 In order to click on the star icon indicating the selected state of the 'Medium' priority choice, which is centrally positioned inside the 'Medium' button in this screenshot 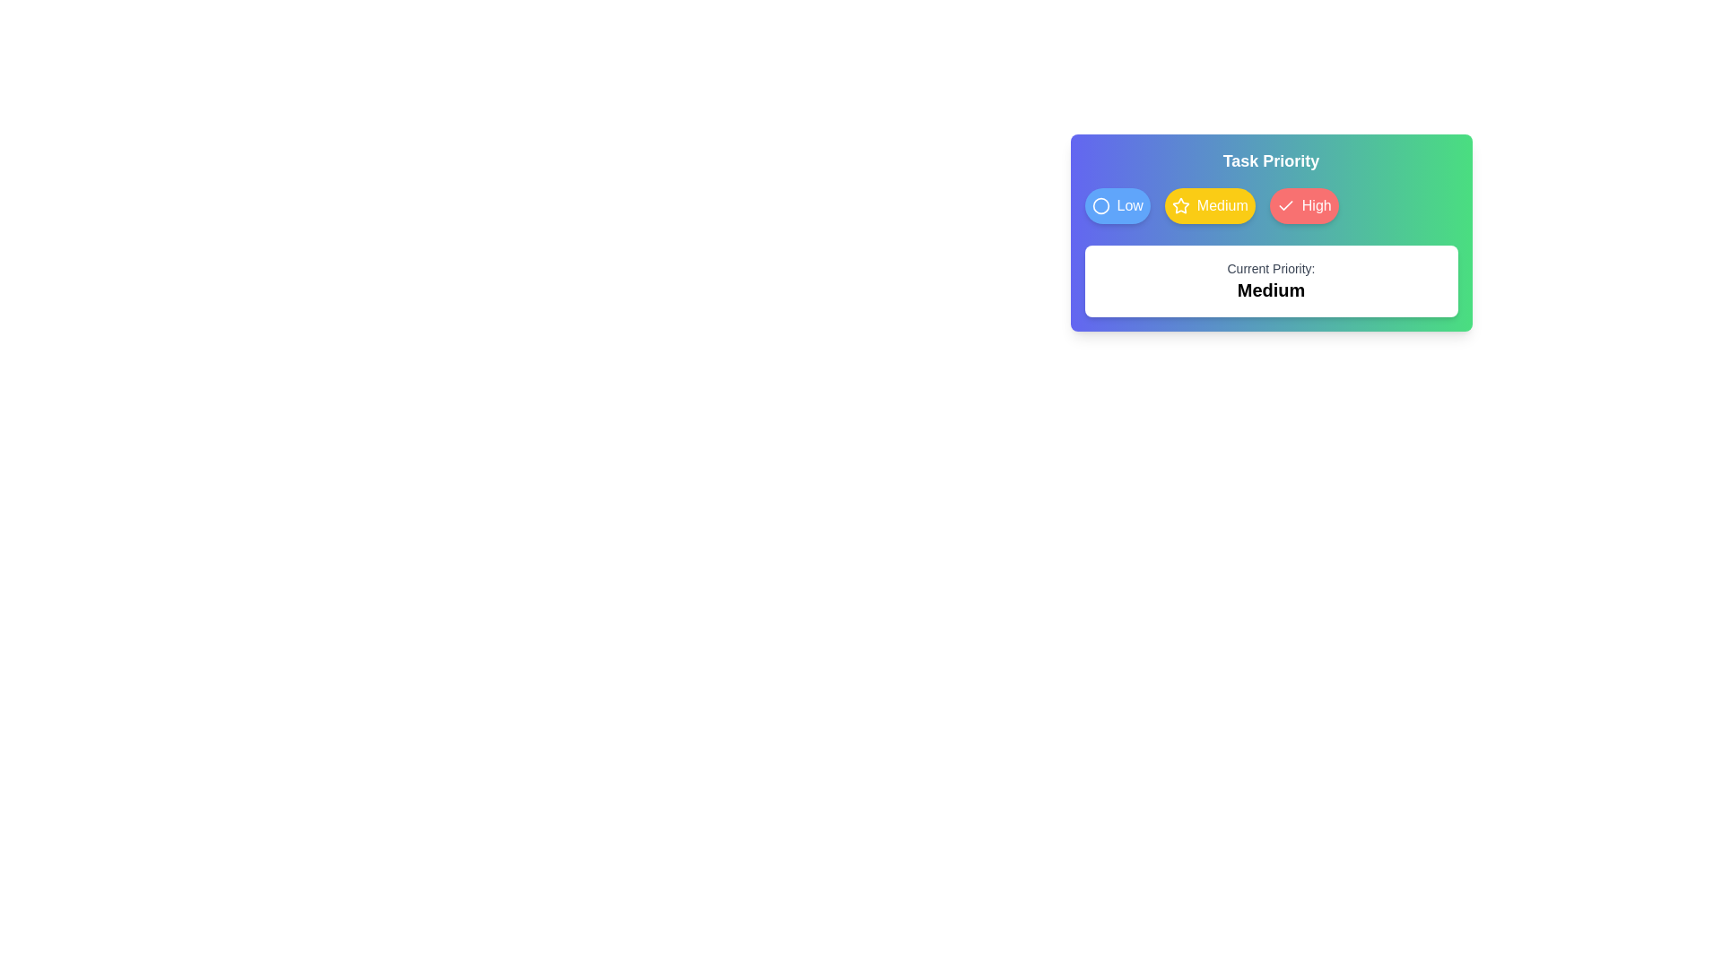, I will do `click(1180, 204)`.